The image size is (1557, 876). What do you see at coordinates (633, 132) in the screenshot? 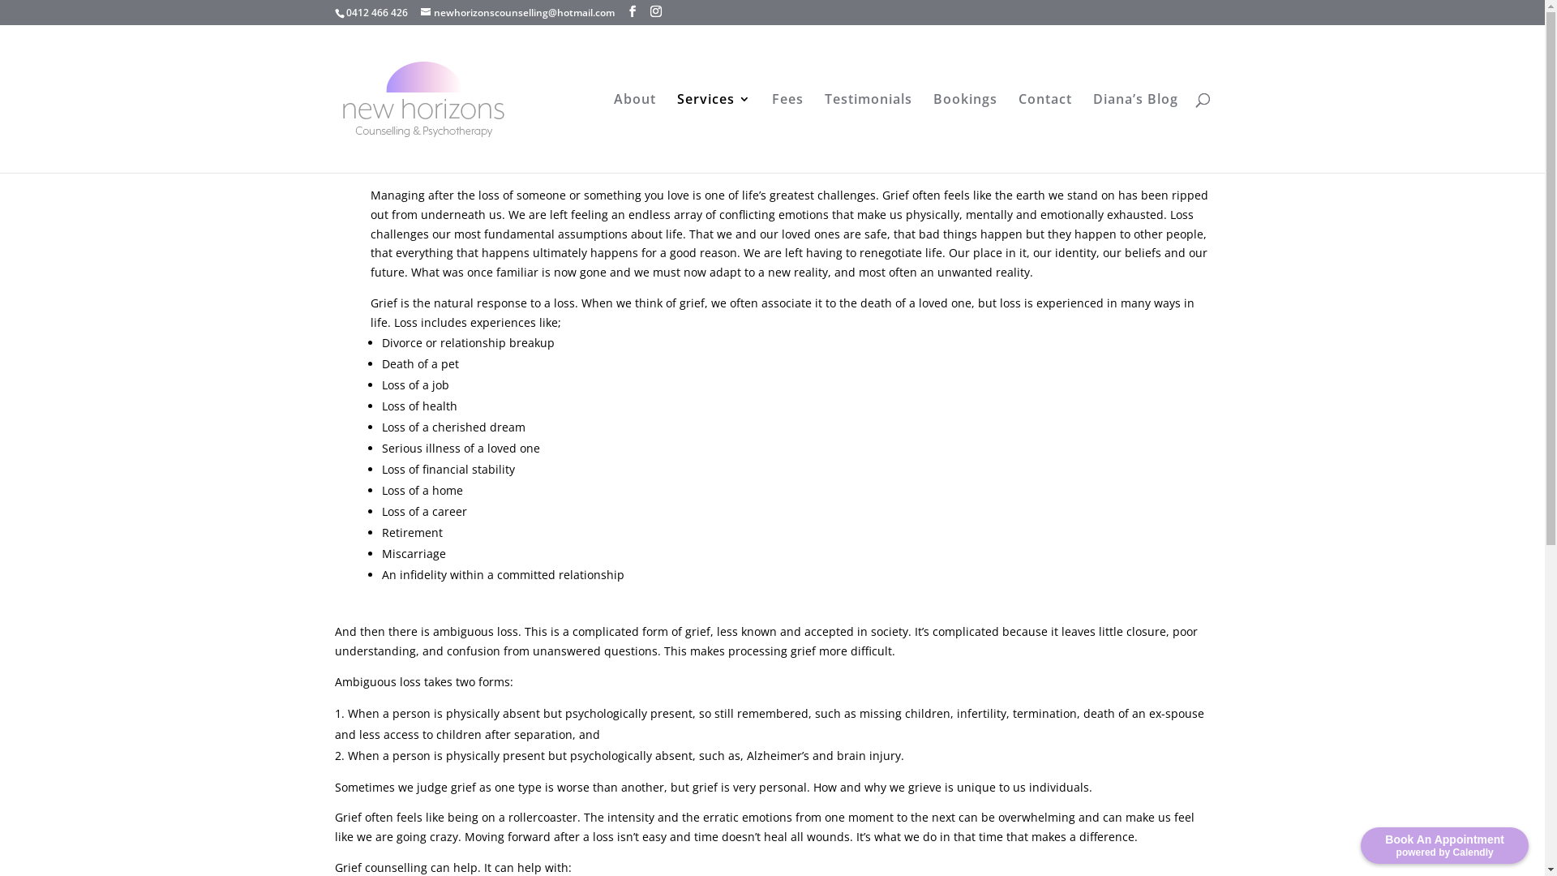
I see `'About'` at bounding box center [633, 132].